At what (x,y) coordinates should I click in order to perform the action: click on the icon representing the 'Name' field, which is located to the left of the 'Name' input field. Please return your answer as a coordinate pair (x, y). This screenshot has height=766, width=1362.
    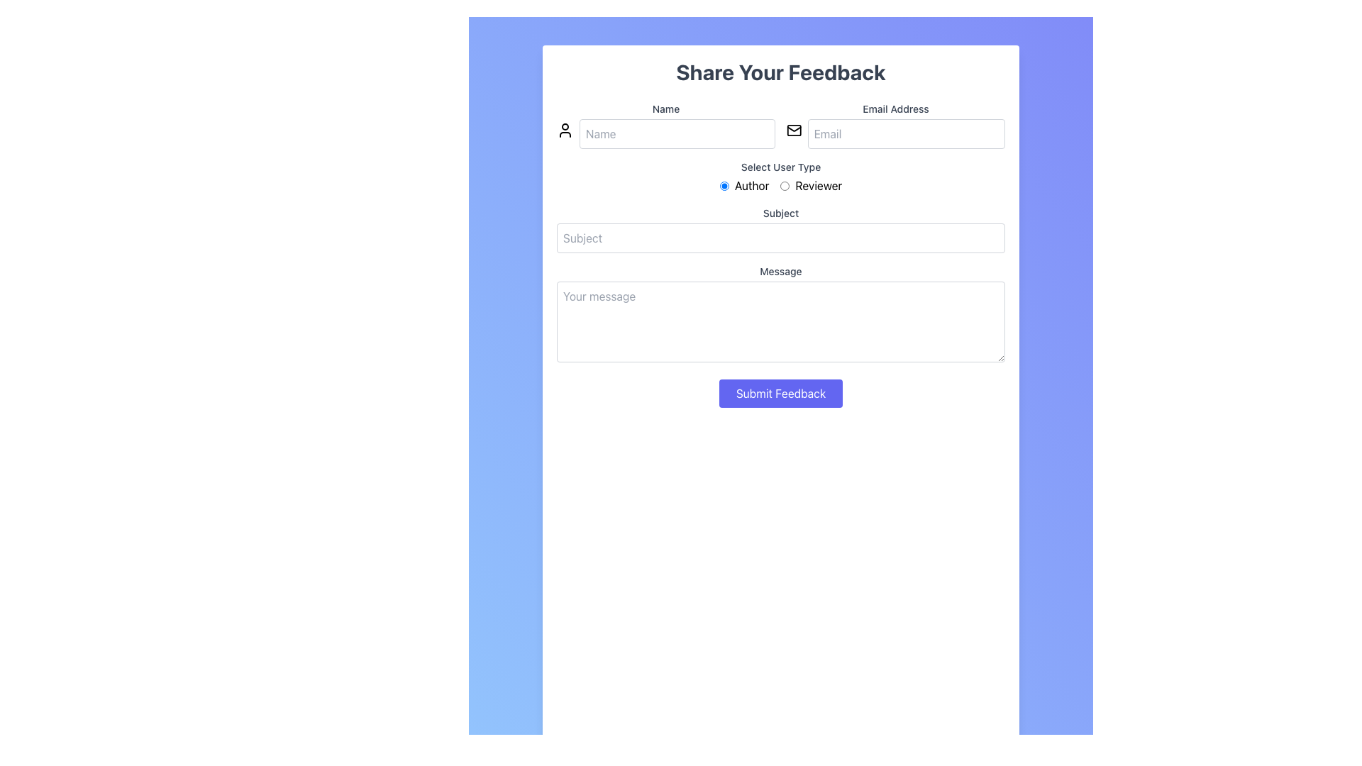
    Looking at the image, I should click on (564, 131).